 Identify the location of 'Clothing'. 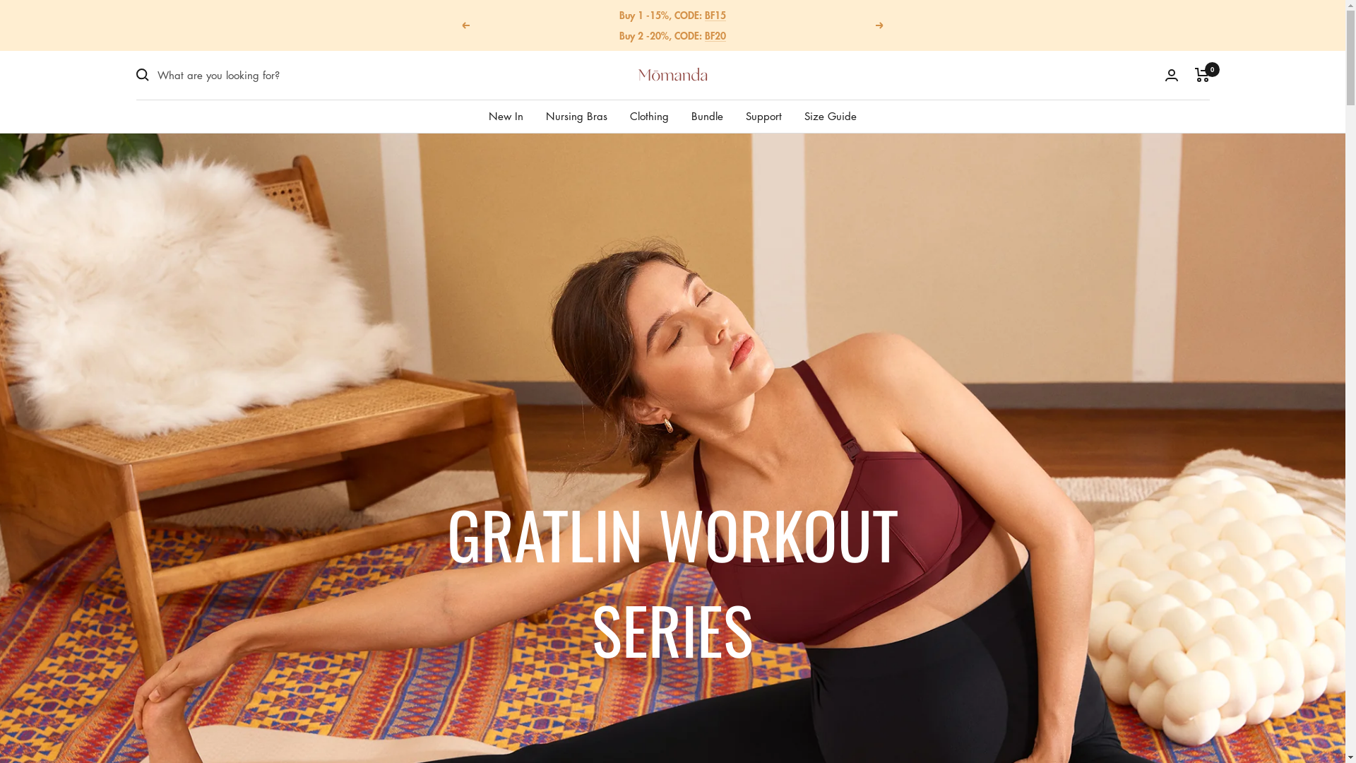
(648, 114).